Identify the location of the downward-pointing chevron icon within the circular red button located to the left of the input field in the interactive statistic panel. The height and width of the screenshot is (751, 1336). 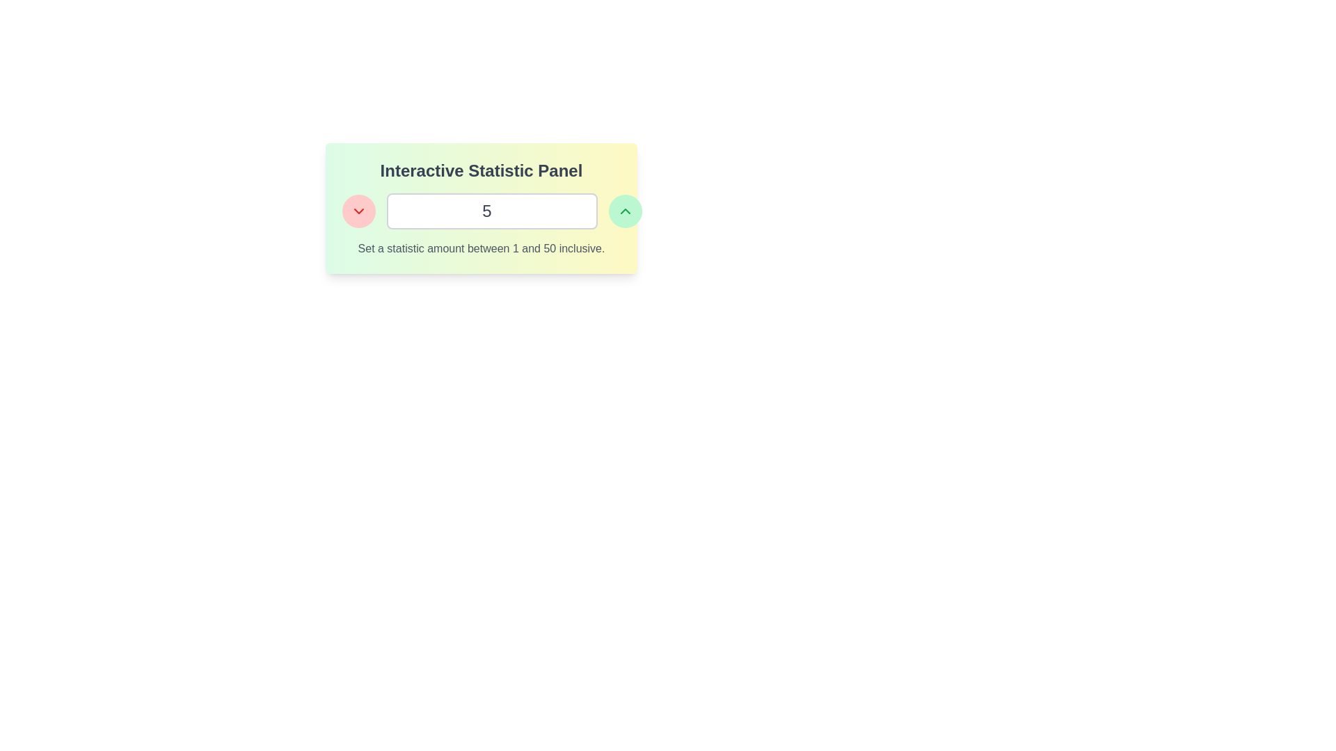
(358, 211).